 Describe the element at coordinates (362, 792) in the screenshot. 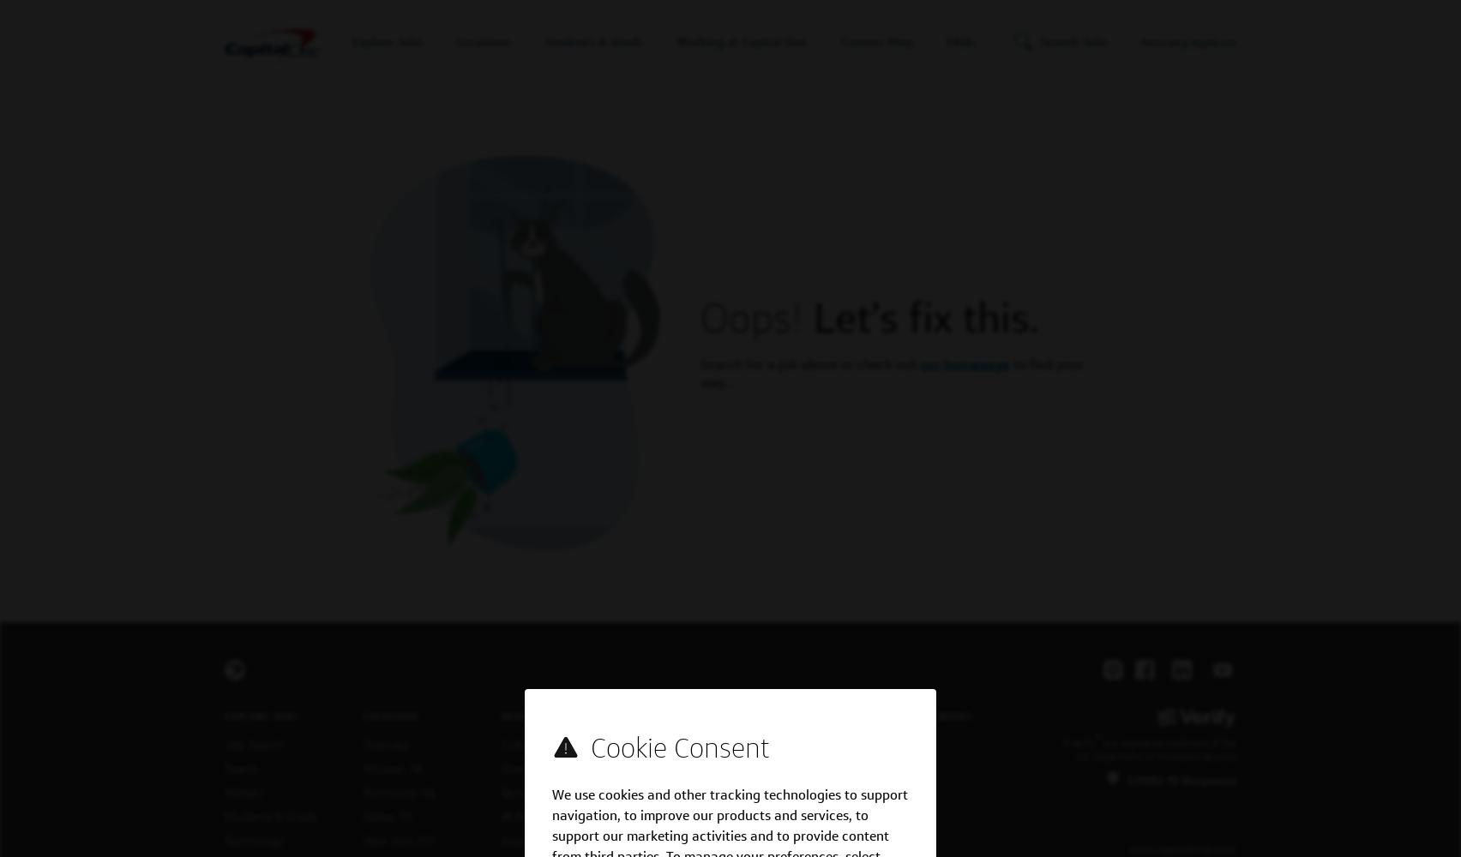

I see `'Richmond, VA'` at that location.